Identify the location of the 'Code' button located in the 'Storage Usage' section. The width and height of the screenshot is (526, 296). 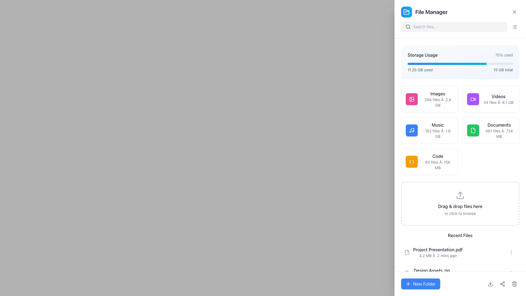
(411, 161).